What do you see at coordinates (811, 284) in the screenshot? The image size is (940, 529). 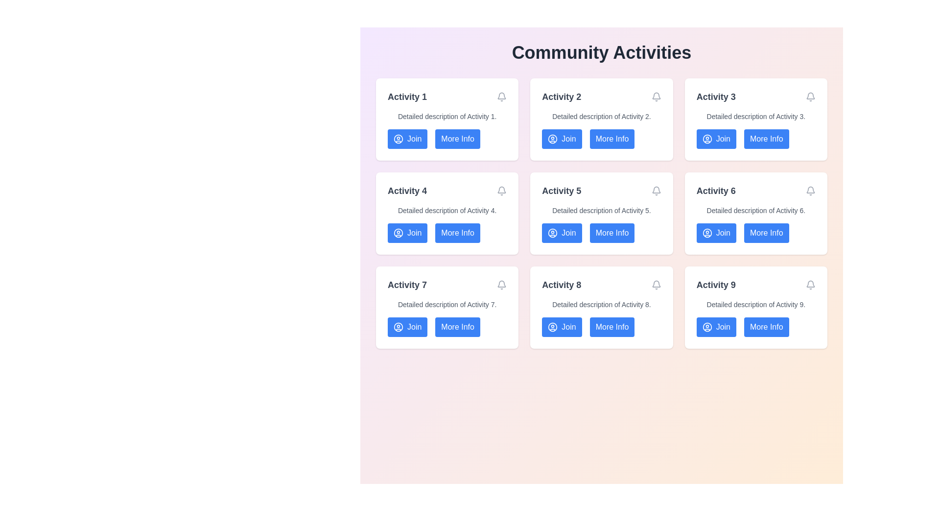 I see `the notification icon located` at bounding box center [811, 284].